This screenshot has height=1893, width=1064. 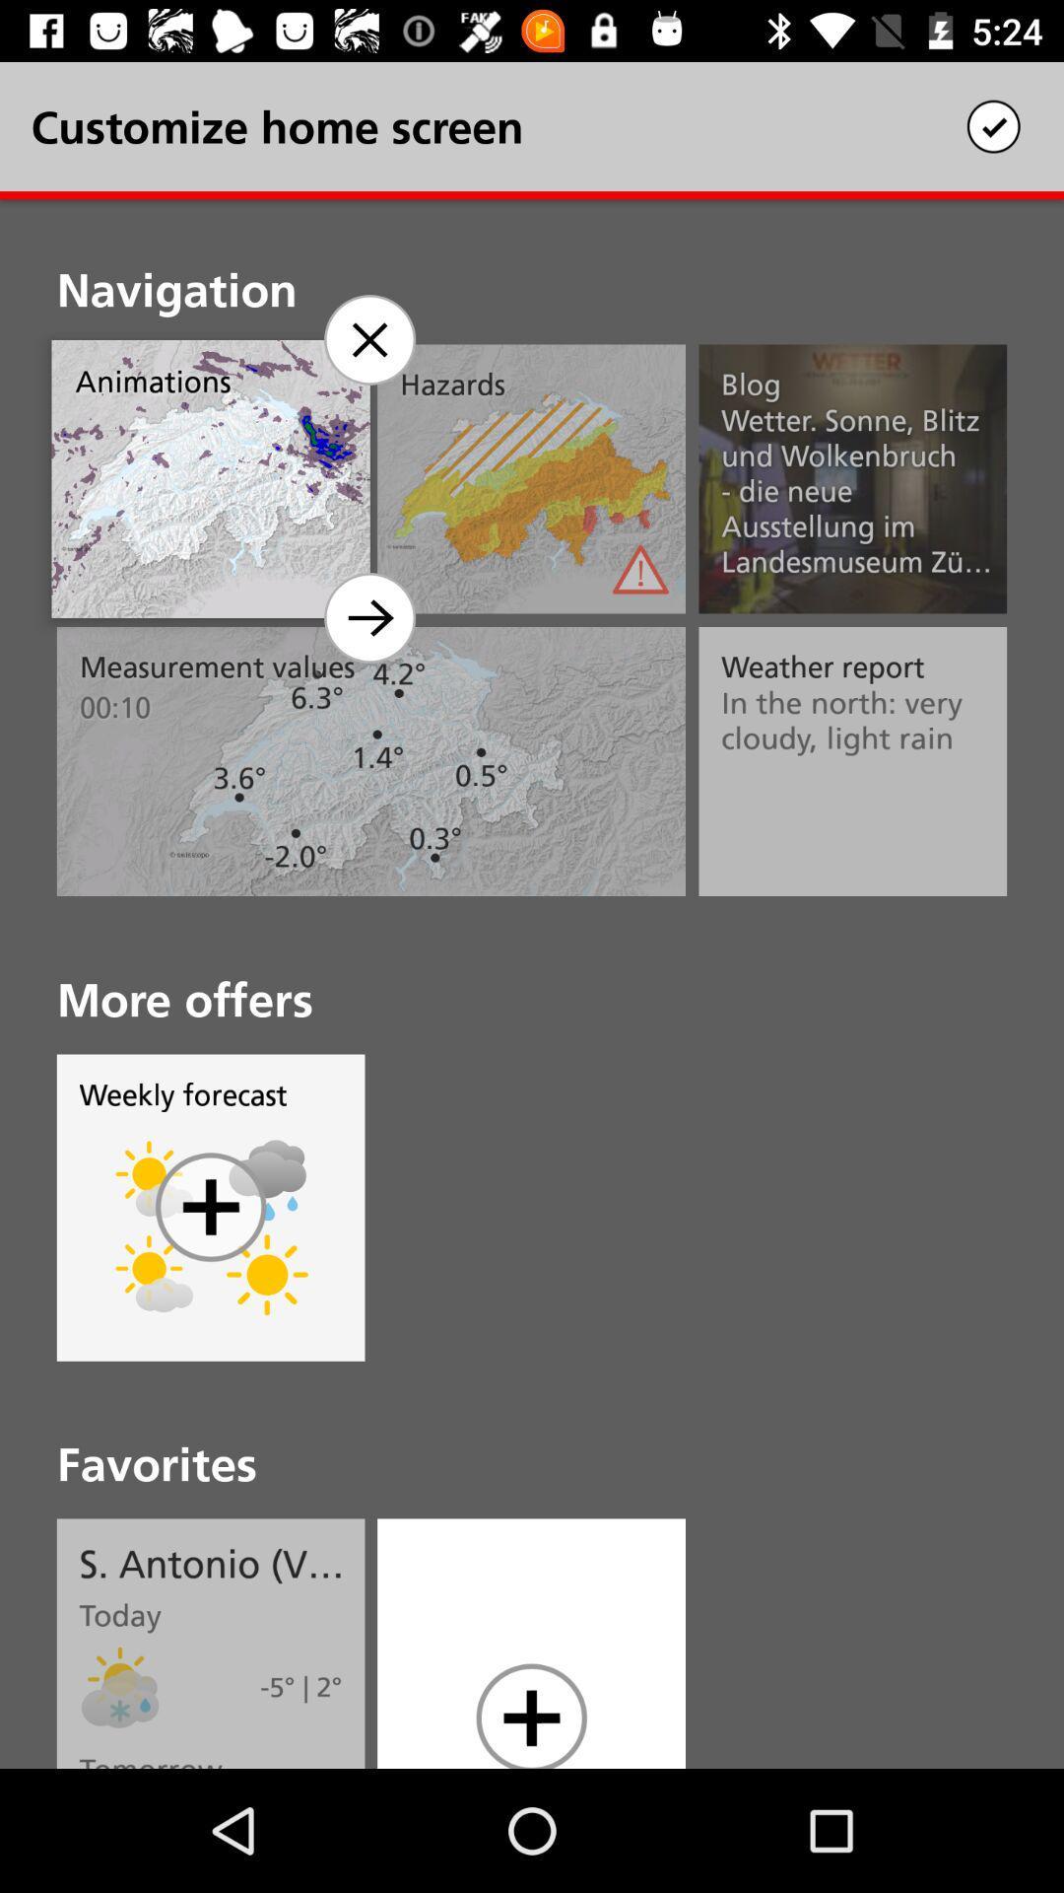 I want to click on advance preview, so click(x=368, y=617).